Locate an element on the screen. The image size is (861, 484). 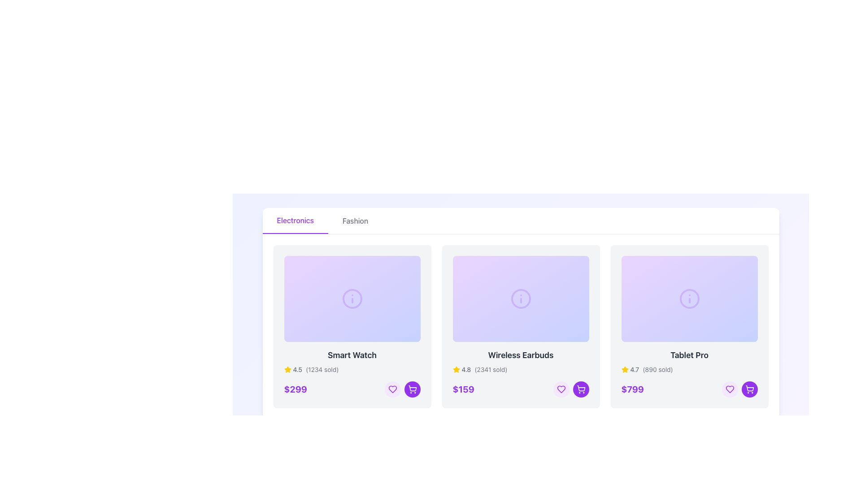
the five-pointed star icon with a yellow fill, which is the first icon in the graphical rating display of the 'Tablet Pro' product information, located directly to the left of the rating text '4.7' is located at coordinates (624, 369).